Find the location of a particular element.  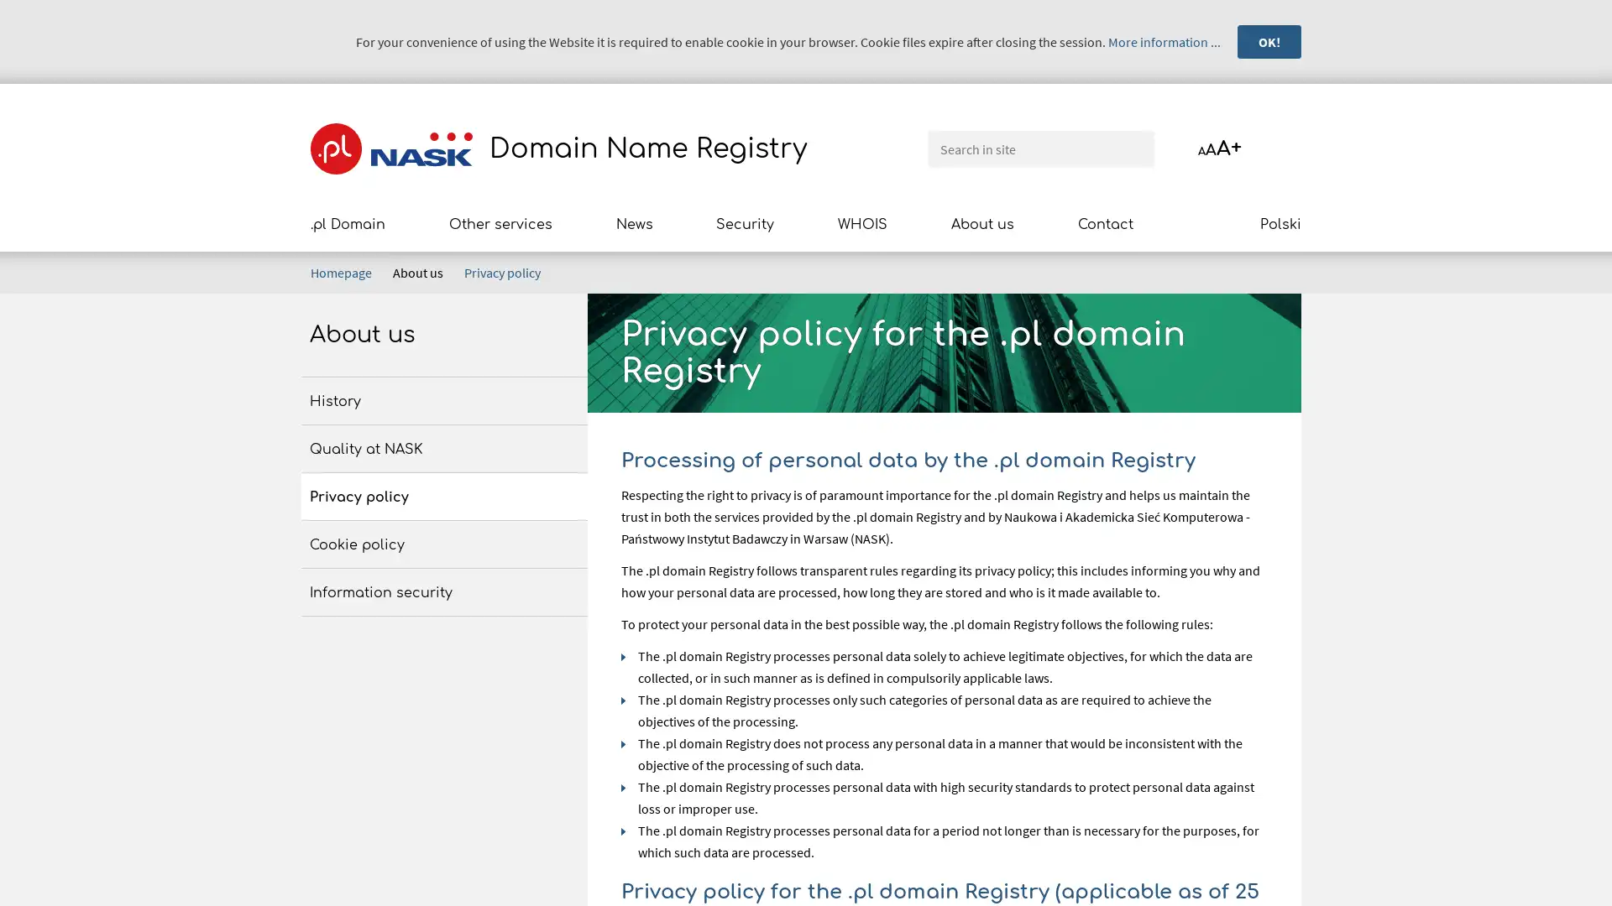

Search is located at coordinates (1133, 148).